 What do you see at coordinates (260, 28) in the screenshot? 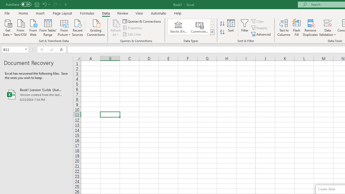
I see `'Reapply'` at bounding box center [260, 28].